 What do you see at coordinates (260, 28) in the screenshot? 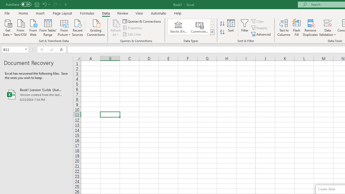
I see `'Reapply'` at bounding box center [260, 28].